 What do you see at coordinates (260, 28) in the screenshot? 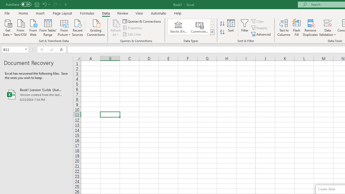
I see `'Reapply'` at bounding box center [260, 28].